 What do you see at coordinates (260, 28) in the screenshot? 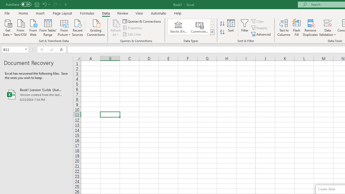
I see `'Reapply'` at bounding box center [260, 28].